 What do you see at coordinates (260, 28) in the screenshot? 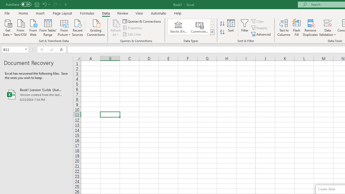
I see `'Reapply'` at bounding box center [260, 28].